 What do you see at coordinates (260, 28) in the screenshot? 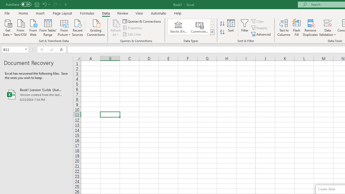
I see `'Reapply'` at bounding box center [260, 28].